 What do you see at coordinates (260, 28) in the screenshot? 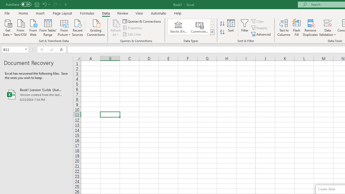
I see `'Reapply'` at bounding box center [260, 28].